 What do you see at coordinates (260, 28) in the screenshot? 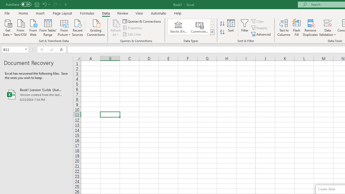
I see `'Reapply'` at bounding box center [260, 28].